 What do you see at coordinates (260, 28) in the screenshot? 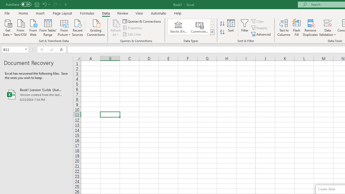
I see `'Reapply'` at bounding box center [260, 28].